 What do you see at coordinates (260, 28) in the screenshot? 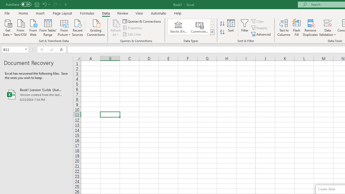
I see `'Reapply'` at bounding box center [260, 28].